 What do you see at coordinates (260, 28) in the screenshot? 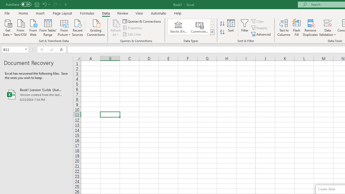
I see `'Reapply'` at bounding box center [260, 28].